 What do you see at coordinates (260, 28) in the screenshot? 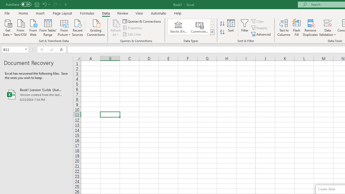
I see `'Reapply'` at bounding box center [260, 28].